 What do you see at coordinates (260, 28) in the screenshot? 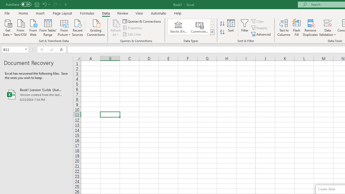
I see `'Reapply'` at bounding box center [260, 28].